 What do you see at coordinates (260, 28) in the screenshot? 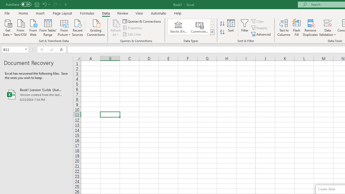
I see `'Reapply'` at bounding box center [260, 28].